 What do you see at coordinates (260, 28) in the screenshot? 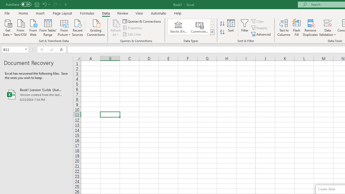
I see `'Reapply'` at bounding box center [260, 28].